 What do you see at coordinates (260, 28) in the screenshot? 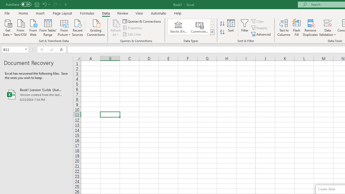
I see `'Reapply'` at bounding box center [260, 28].